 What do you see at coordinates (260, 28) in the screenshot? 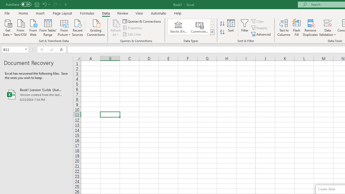
I see `'Reapply'` at bounding box center [260, 28].